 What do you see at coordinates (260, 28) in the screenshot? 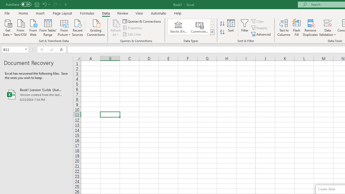
I see `'Reapply'` at bounding box center [260, 28].